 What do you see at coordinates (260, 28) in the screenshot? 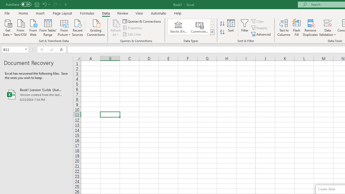
I see `'Reapply'` at bounding box center [260, 28].